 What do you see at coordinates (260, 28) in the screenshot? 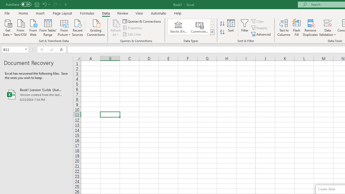
I see `'Reapply'` at bounding box center [260, 28].